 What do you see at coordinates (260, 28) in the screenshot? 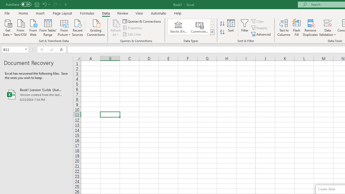
I see `'Reapply'` at bounding box center [260, 28].